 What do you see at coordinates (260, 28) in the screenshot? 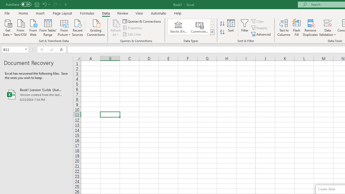
I see `'Reapply'` at bounding box center [260, 28].